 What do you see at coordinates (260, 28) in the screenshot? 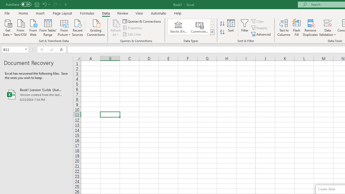
I see `'Reapply'` at bounding box center [260, 28].